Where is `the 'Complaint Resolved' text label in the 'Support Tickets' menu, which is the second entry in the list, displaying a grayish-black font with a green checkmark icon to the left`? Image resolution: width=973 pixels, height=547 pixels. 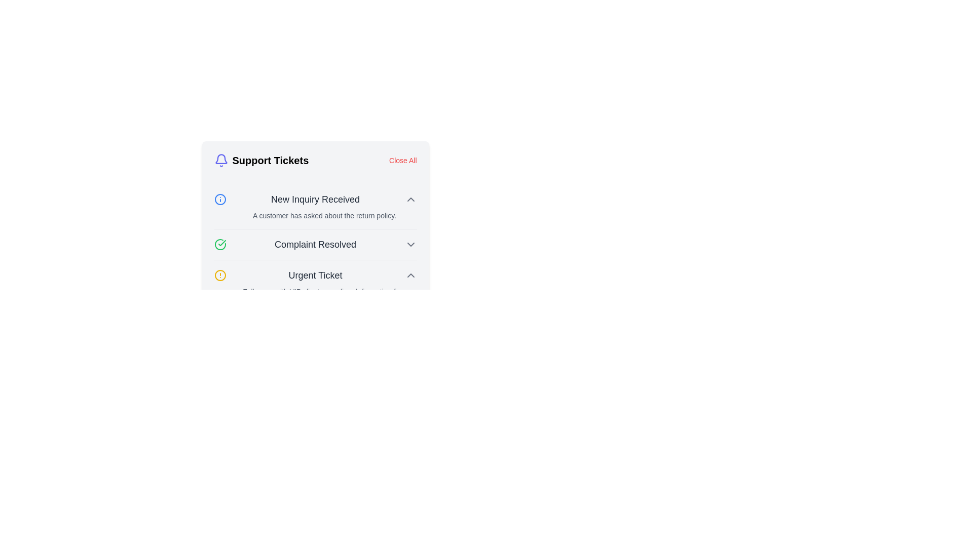 the 'Complaint Resolved' text label in the 'Support Tickets' menu, which is the second entry in the list, displaying a grayish-black font with a green checkmark icon to the left is located at coordinates (315, 244).